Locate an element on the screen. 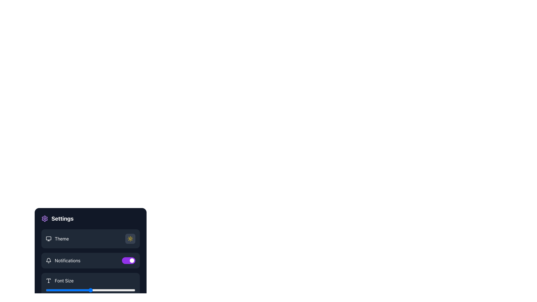 The image size is (537, 302). the toggle switch for notifications, which is the second item in the settings menu and the rightmost control in that row is located at coordinates (128, 261).